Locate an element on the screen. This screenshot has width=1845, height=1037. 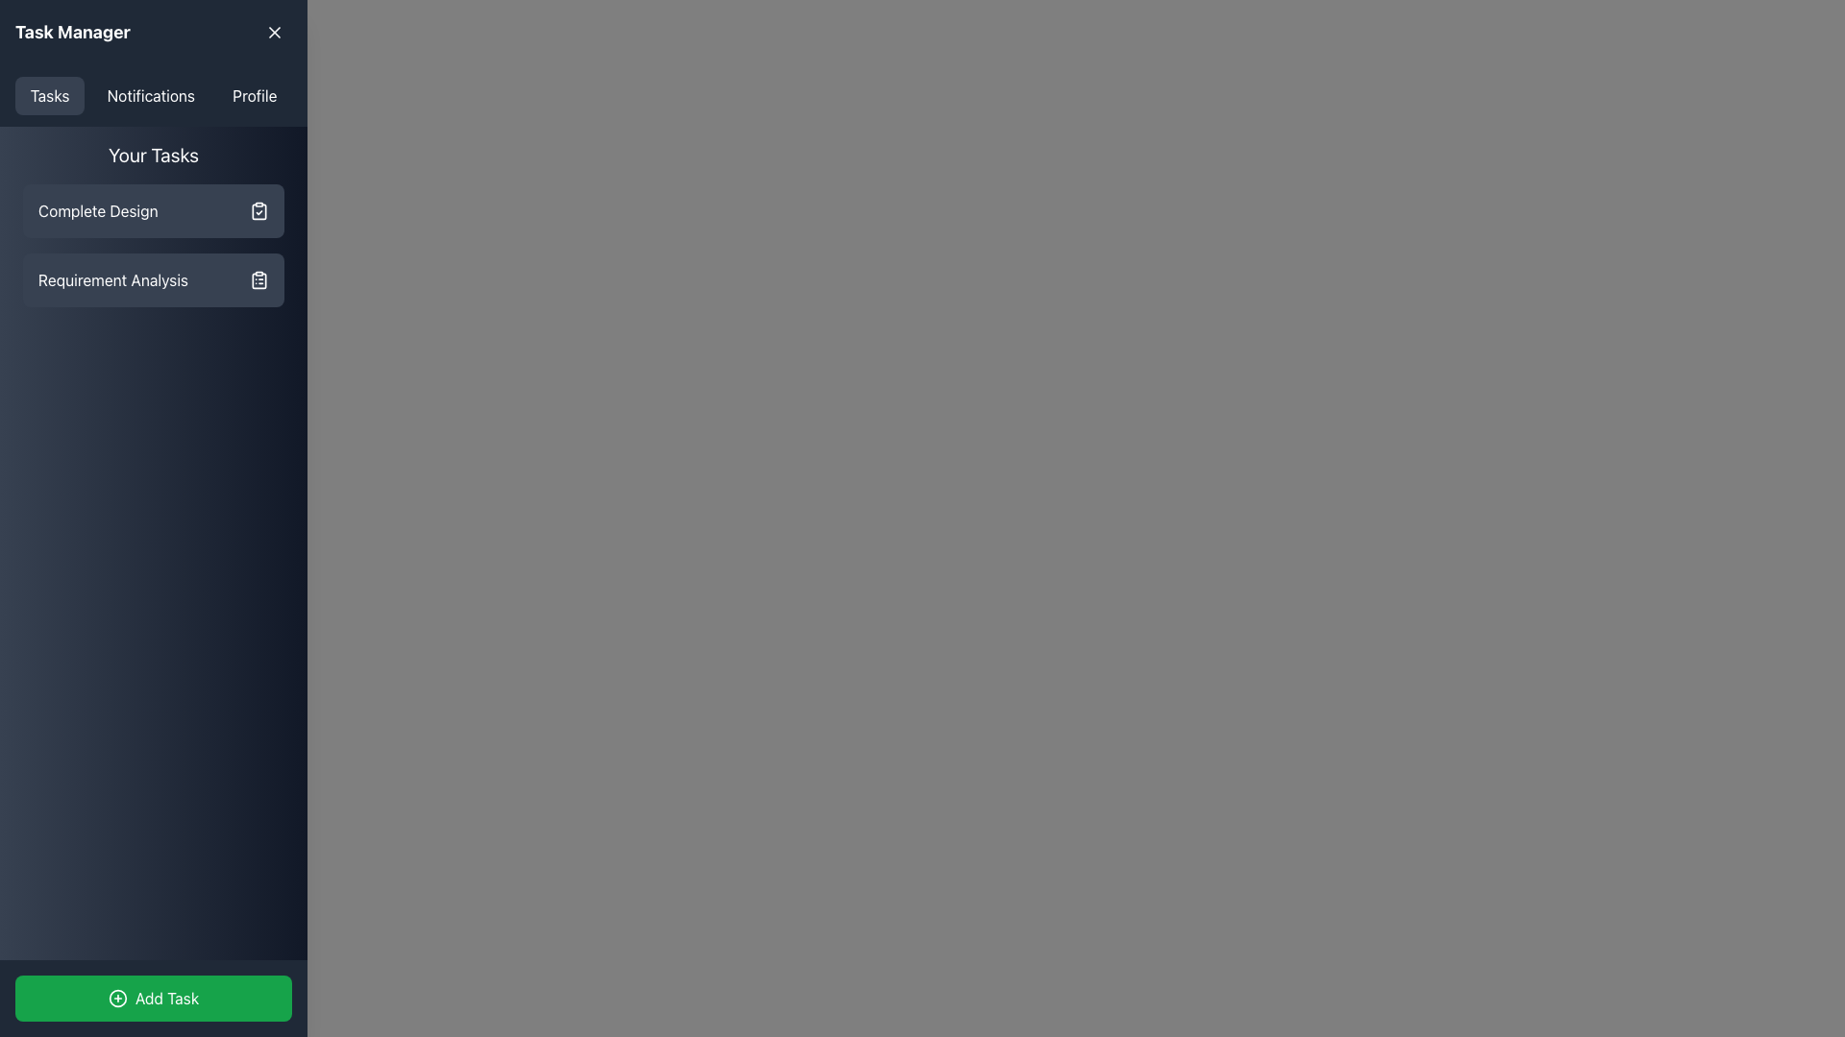
the decorative Circle SVG shape located centrally within the 'Add Task' button, which symbolizes a creation action is located at coordinates (116, 998).